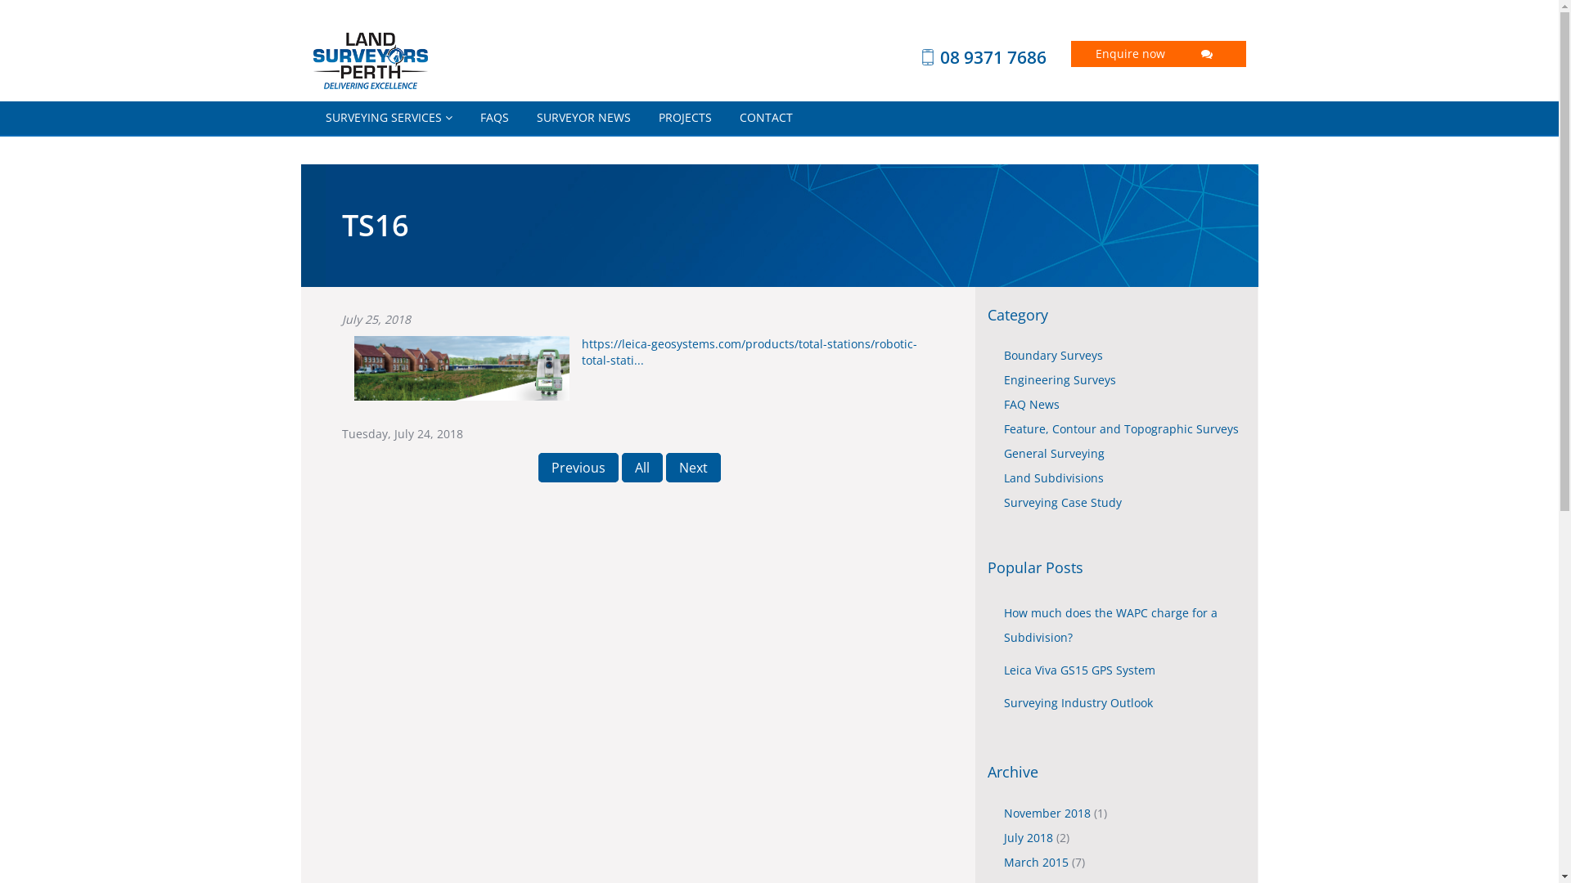 This screenshot has width=1571, height=883. I want to click on 'Boundary Surveys', so click(1053, 354).